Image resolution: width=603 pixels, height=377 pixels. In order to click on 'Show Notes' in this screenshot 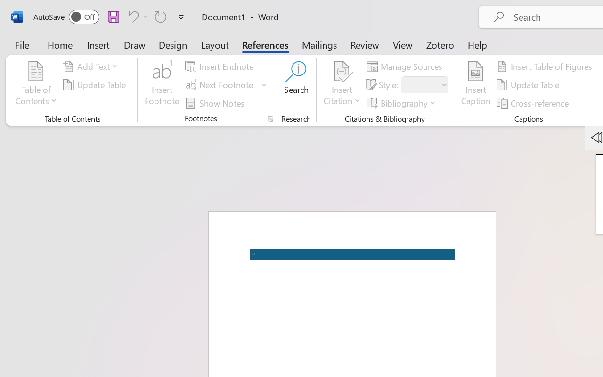, I will do `click(216, 103)`.